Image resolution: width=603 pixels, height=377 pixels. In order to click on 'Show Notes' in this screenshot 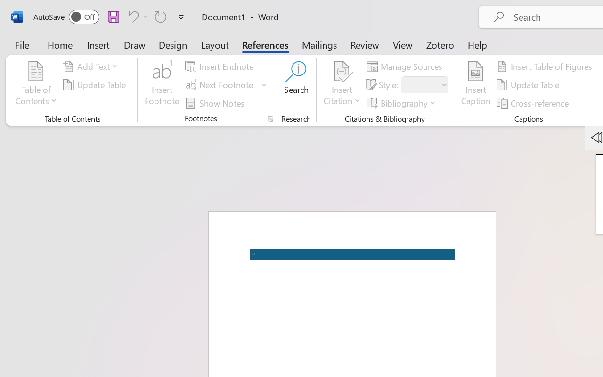, I will do `click(216, 103)`.